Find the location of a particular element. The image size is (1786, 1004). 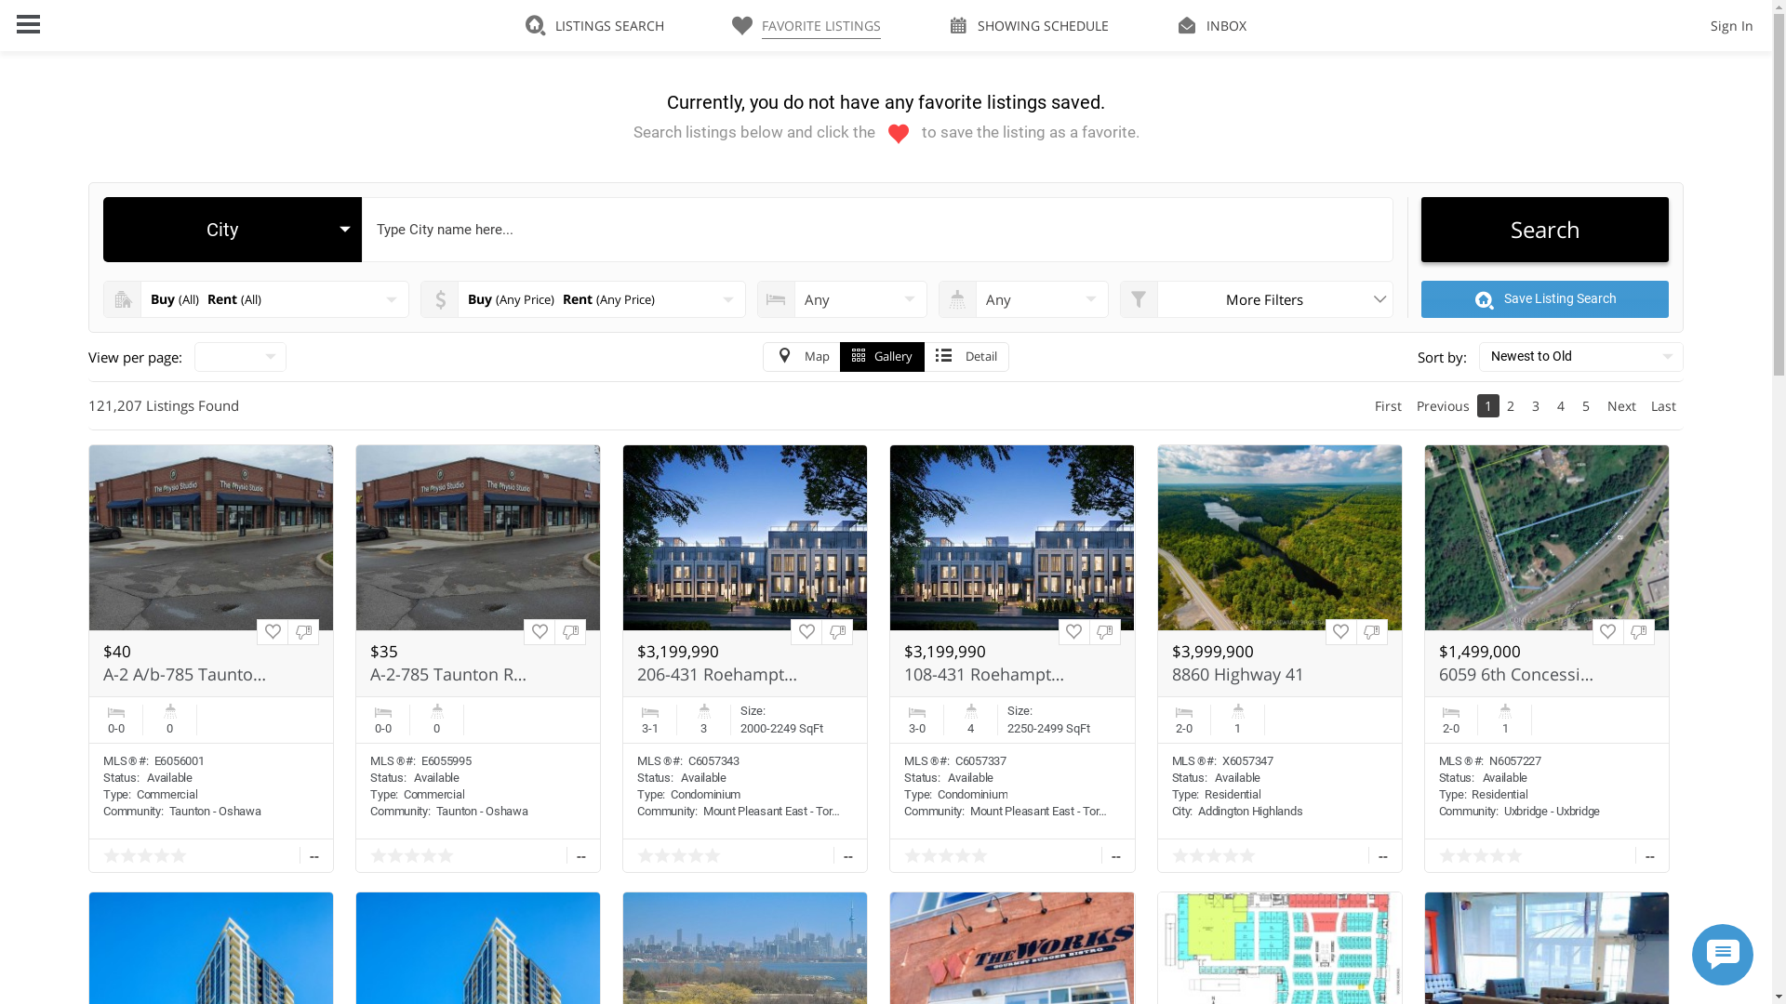

'INBOX' is located at coordinates (1211, 25).